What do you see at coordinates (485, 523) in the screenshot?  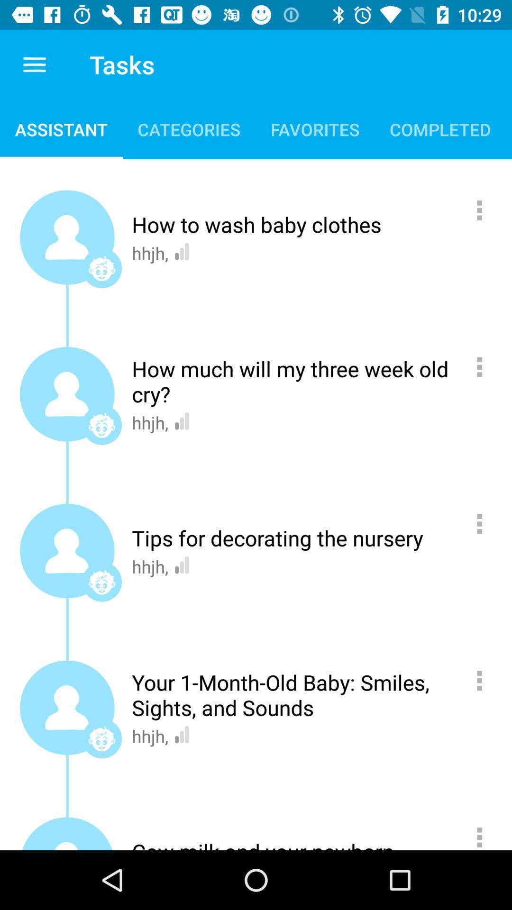 I see `see more` at bounding box center [485, 523].